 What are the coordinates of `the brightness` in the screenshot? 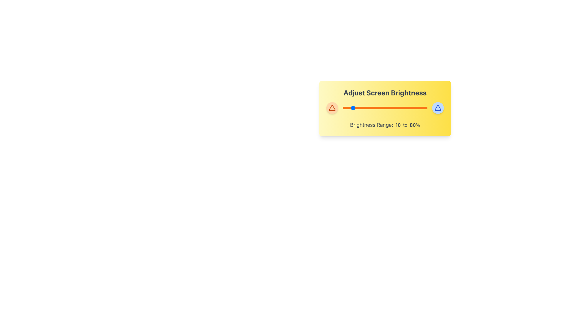 It's located at (417, 108).